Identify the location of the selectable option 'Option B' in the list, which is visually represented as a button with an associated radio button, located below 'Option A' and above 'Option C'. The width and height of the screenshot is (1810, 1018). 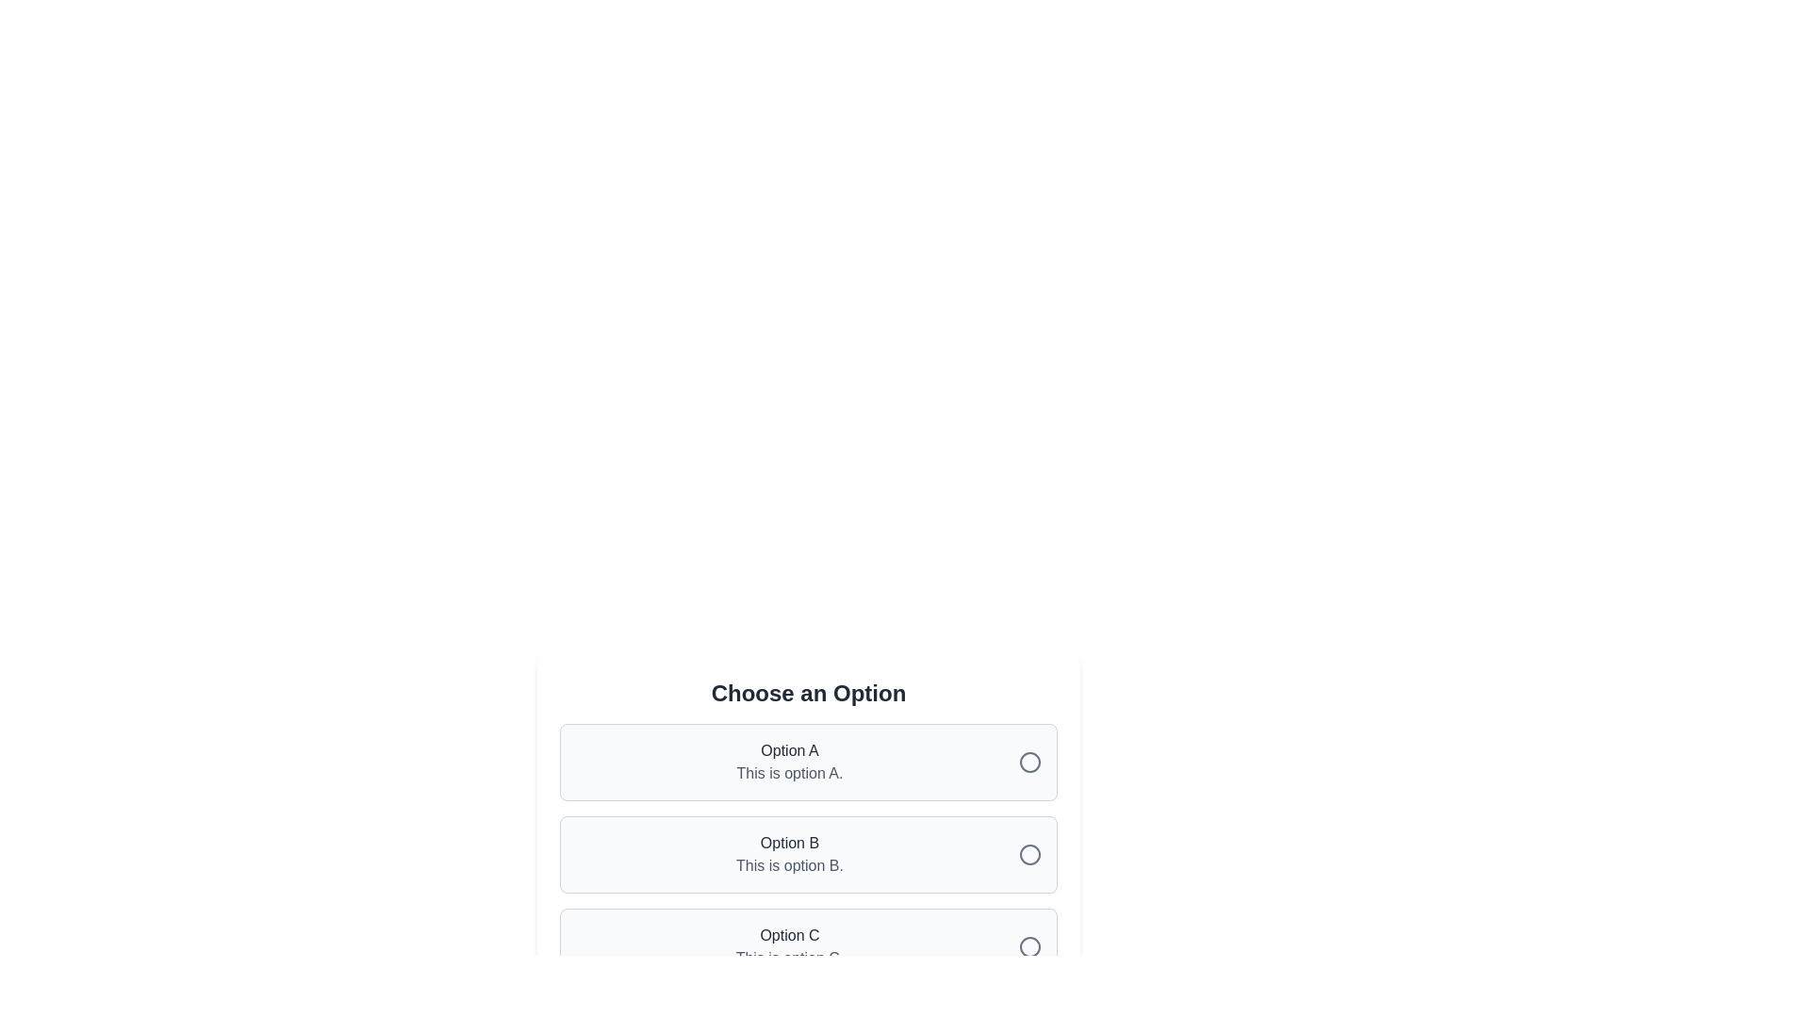
(809, 831).